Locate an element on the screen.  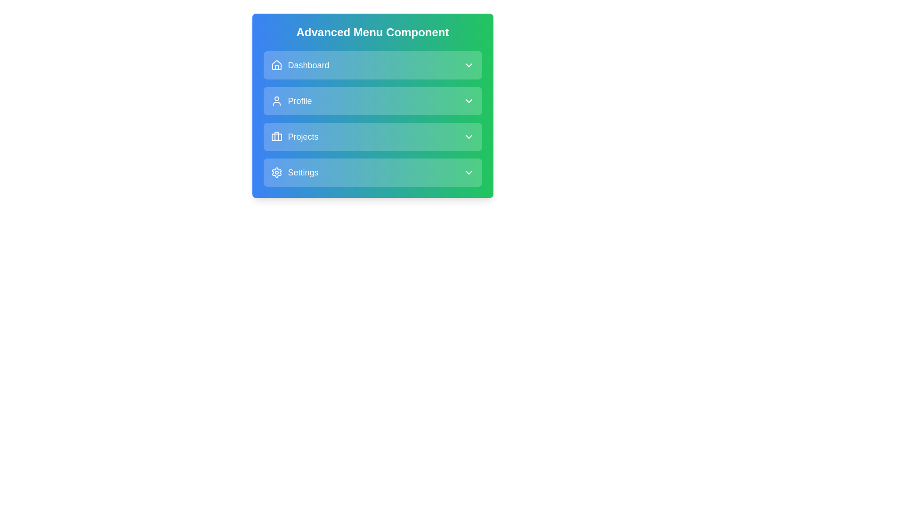
the 'Projects' text label is located at coordinates (294, 136).